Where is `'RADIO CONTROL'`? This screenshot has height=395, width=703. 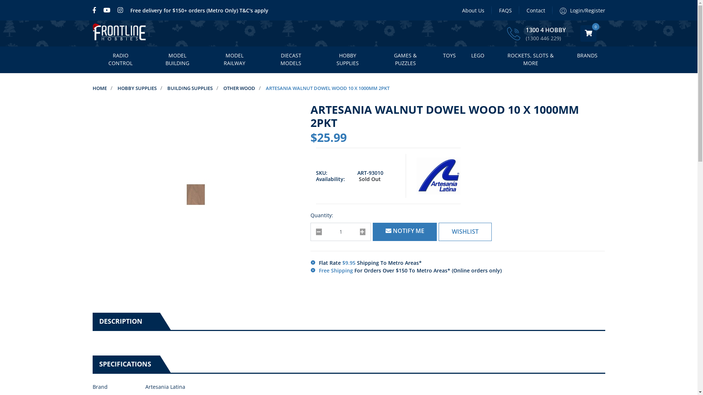 'RADIO CONTROL' is located at coordinates (120, 59).